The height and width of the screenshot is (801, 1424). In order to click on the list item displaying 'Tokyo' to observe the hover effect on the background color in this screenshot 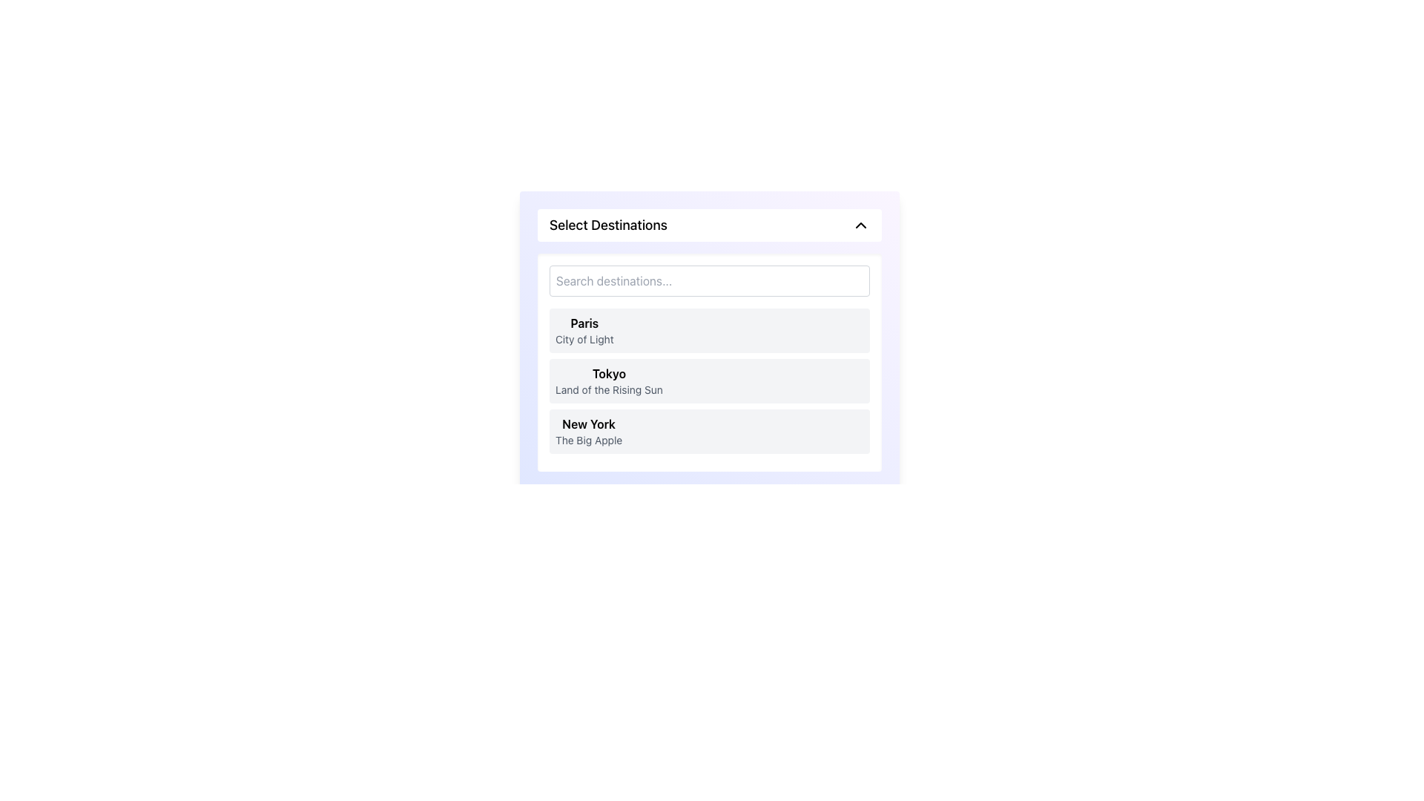, I will do `click(708, 380)`.